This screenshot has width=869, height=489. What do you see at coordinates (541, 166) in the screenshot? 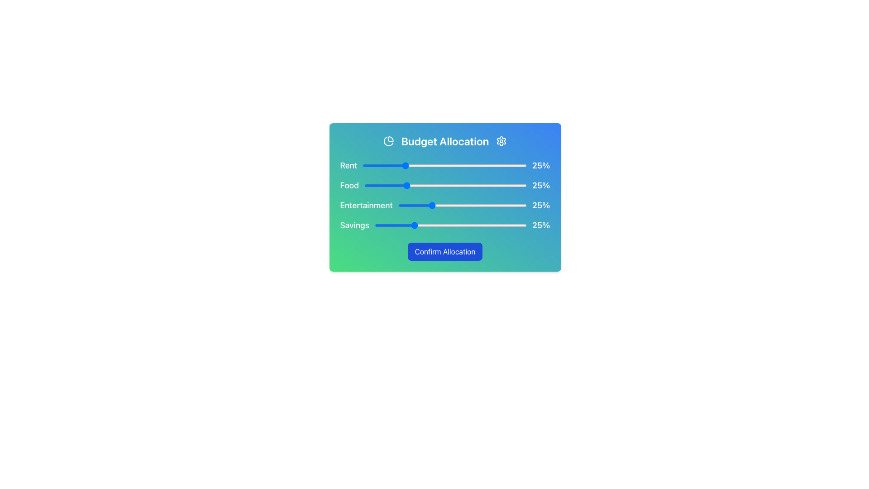
I see `value displayed in the static text label showing '25%' located to the right of the Rent slider in the Budget Allocation panel` at bounding box center [541, 166].